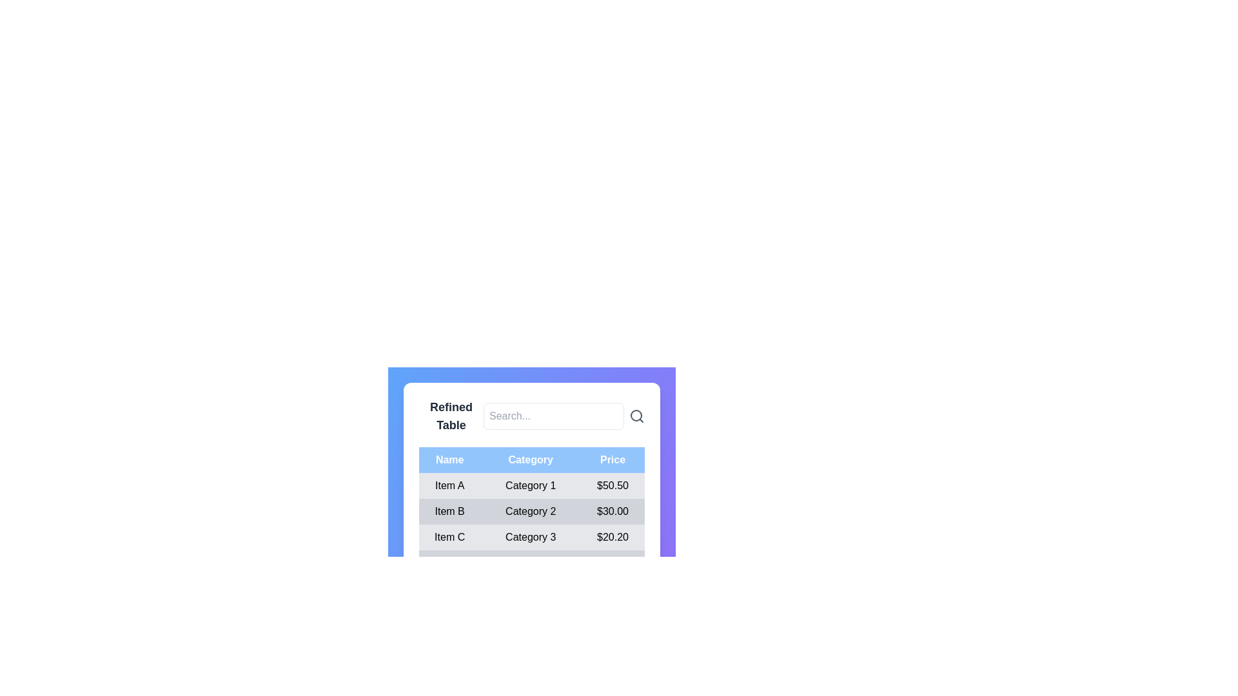 The image size is (1238, 696). I want to click on text displayed in the price label located in the third column of the first row of the table, under the header labeled 'Price', so click(612, 485).